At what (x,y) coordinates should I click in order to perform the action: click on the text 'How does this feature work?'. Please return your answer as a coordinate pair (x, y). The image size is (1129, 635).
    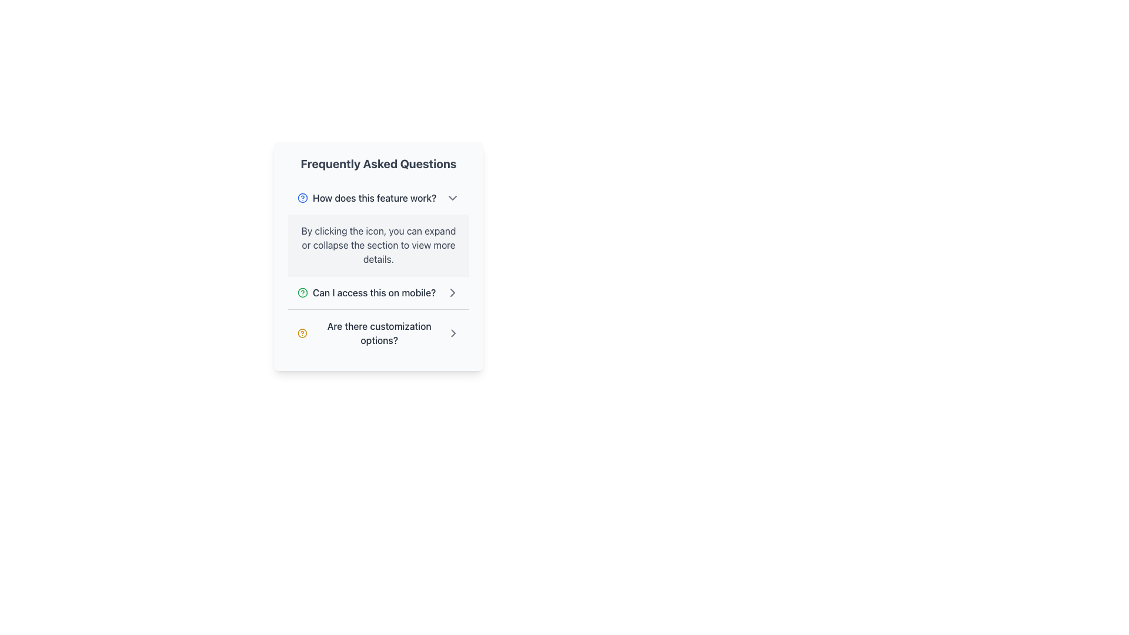
    Looking at the image, I should click on (366, 197).